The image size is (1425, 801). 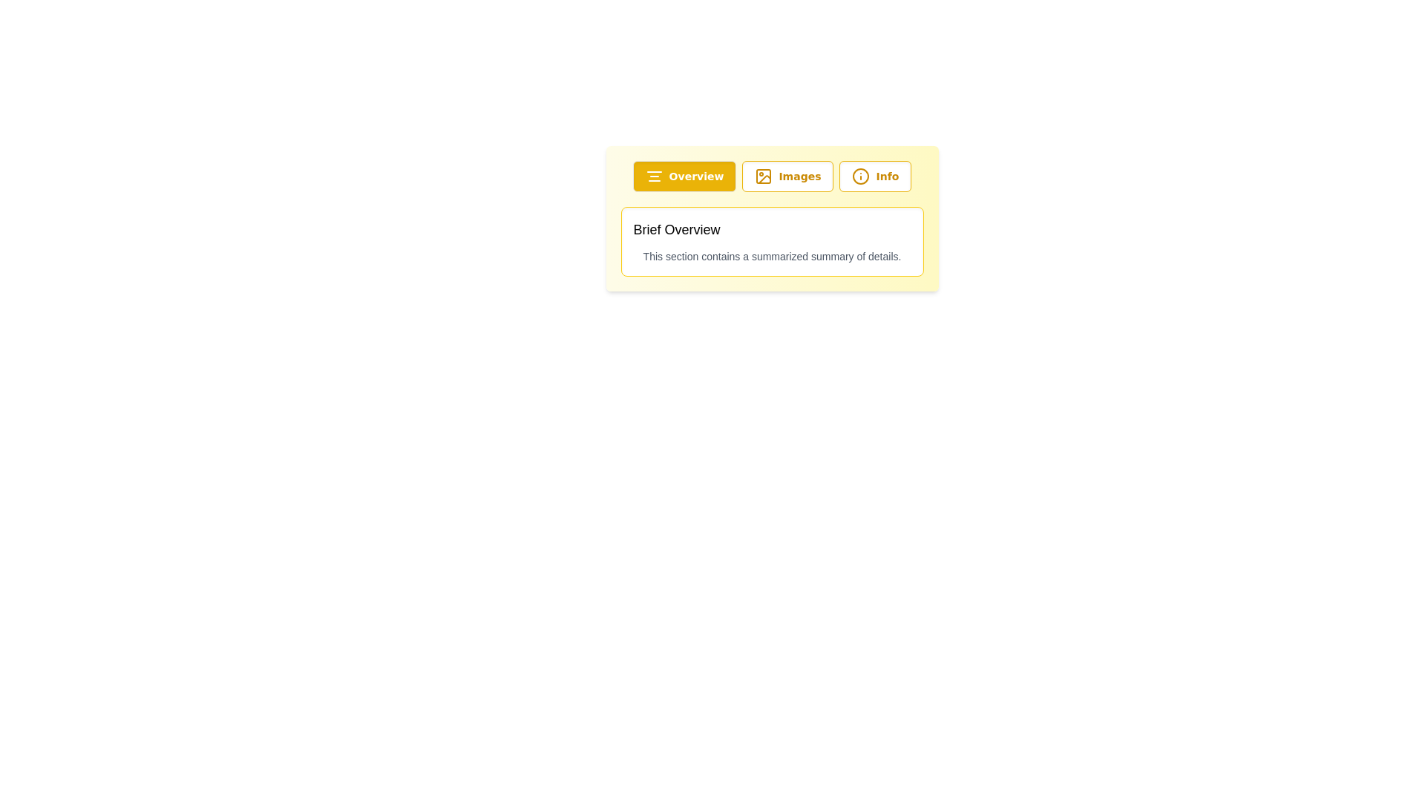 What do you see at coordinates (861, 176) in the screenshot?
I see `the circular SVG icon with a bordered outline, which contains a vertical line and a dot, located within the 'Info' button` at bounding box center [861, 176].